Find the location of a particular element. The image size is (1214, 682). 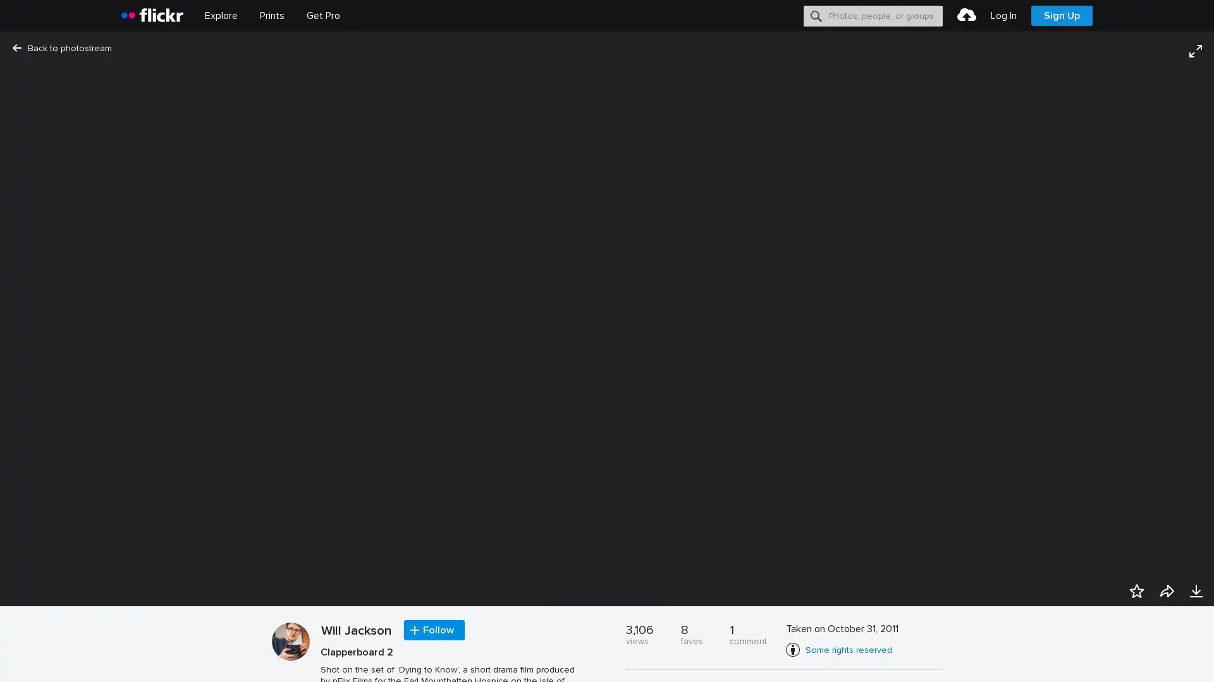

Follow is located at coordinates (434, 630).